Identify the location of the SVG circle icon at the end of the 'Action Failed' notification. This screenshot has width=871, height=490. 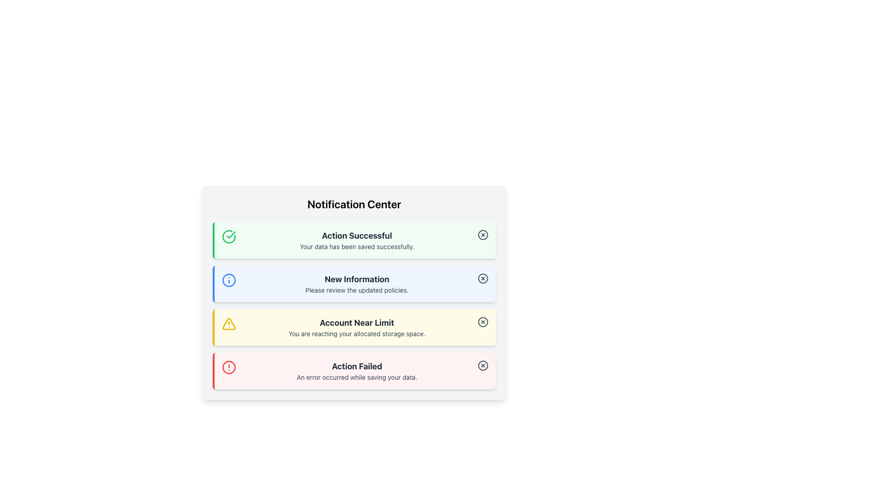
(483, 365).